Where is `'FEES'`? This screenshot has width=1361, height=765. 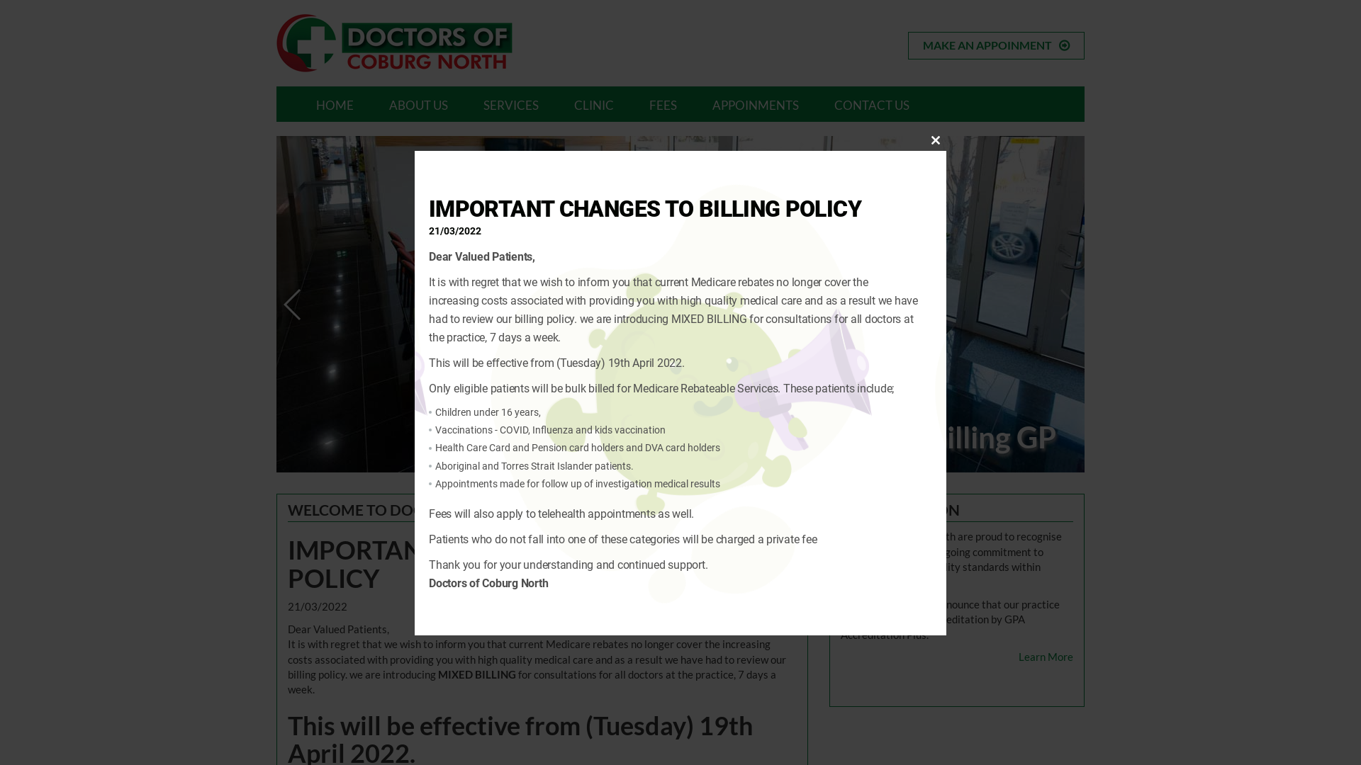 'FEES' is located at coordinates (662, 103).